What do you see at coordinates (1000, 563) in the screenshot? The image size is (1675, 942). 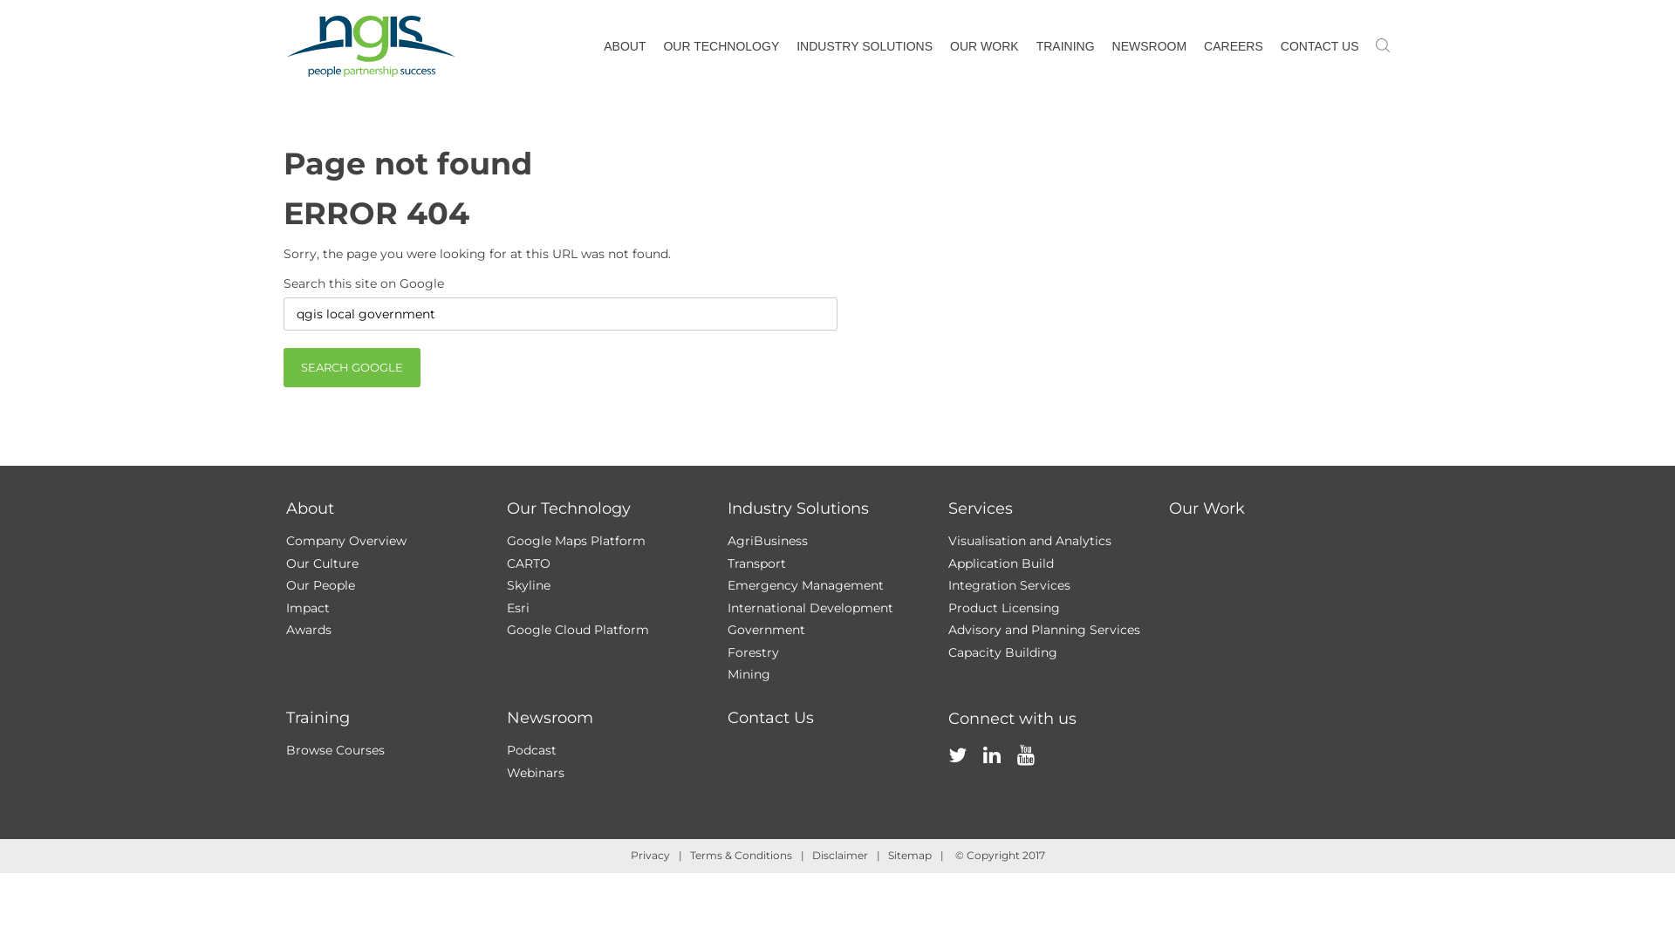 I see `'Application Build'` at bounding box center [1000, 563].